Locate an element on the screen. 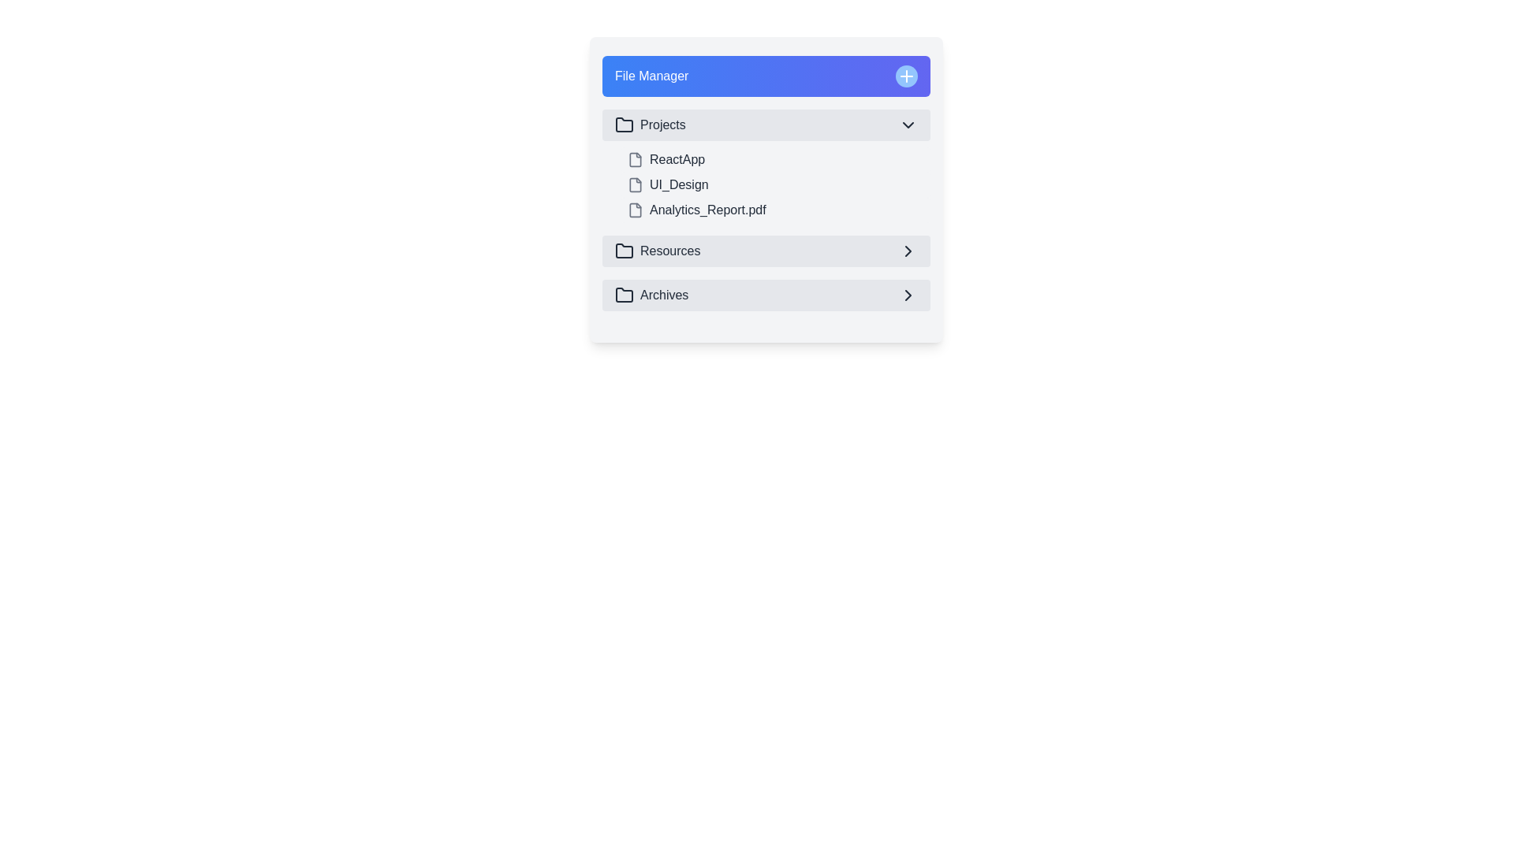  the Chevron Arrow icon located at the rightmost end of the 'Resources' row is located at coordinates (908, 251).